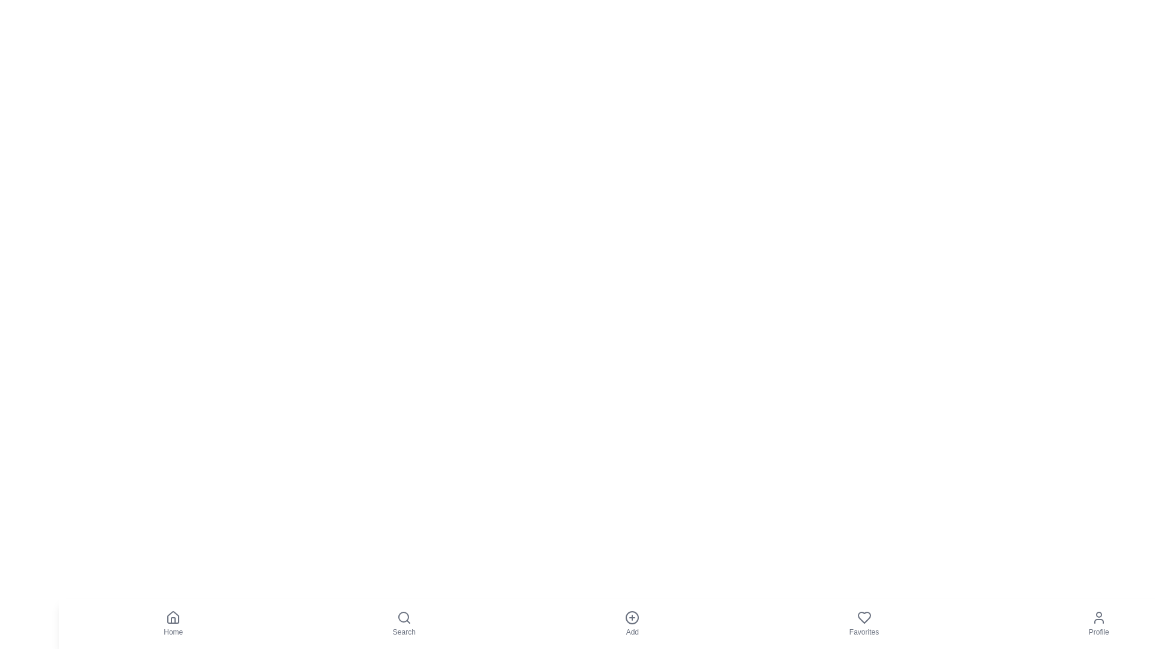 Image resolution: width=1155 pixels, height=649 pixels. I want to click on the 'Add' button located in the bottom center of the navigation bar, which features a rounded icon with a plus symbol and the label 'Add' beneath it, so click(632, 623).